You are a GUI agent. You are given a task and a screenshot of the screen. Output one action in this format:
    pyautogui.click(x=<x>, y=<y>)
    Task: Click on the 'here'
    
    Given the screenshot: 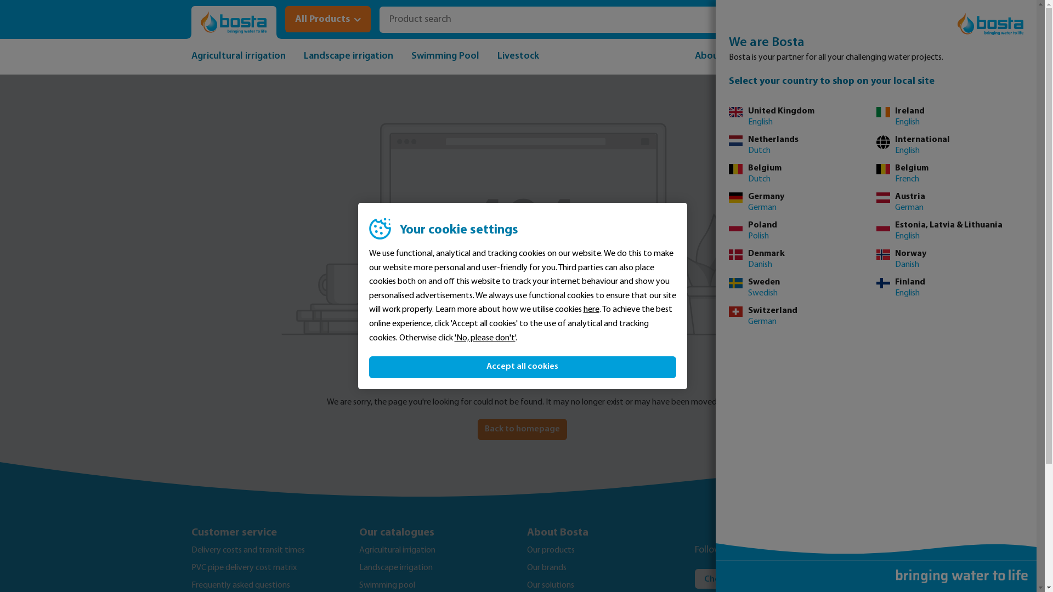 What is the action you would take?
    pyautogui.click(x=591, y=310)
    